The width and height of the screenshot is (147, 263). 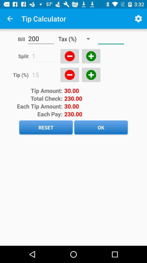 What do you see at coordinates (91, 75) in the screenshot?
I see `increase tip percentage` at bounding box center [91, 75].